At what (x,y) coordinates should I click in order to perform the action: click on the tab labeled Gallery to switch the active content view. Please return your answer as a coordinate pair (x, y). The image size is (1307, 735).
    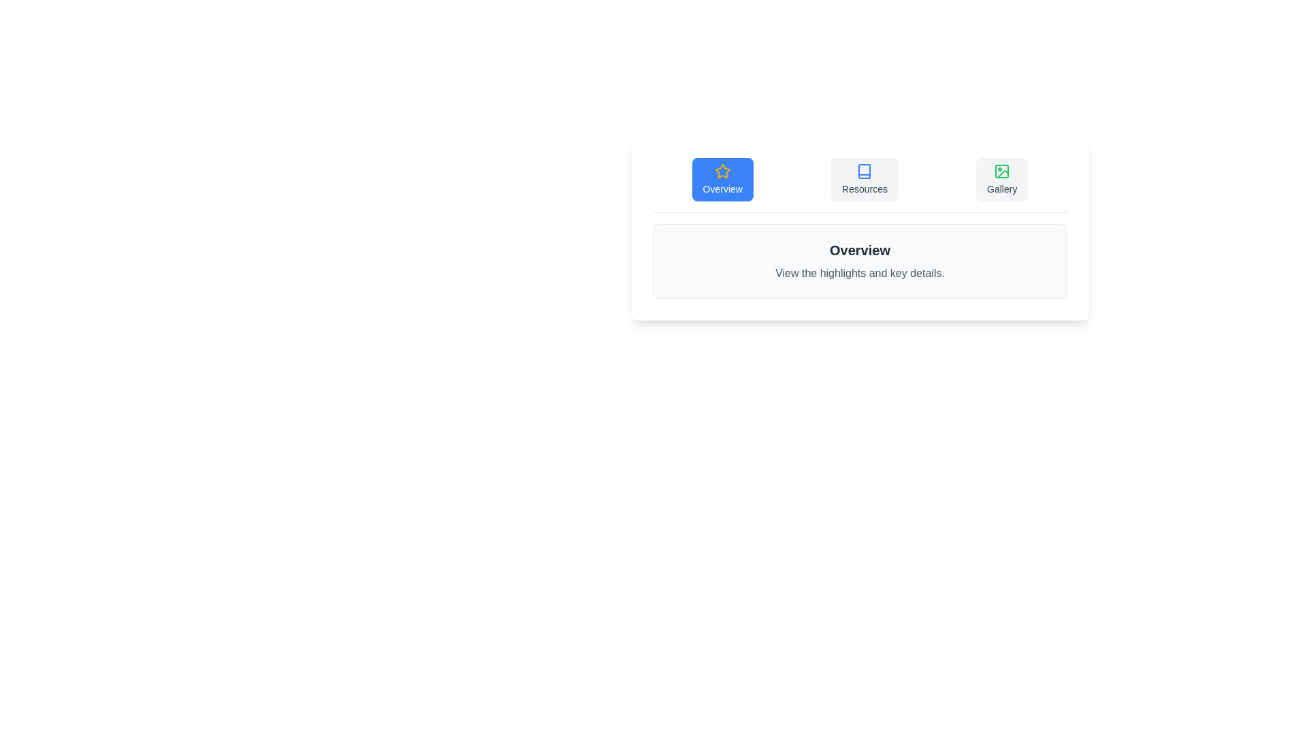
    Looking at the image, I should click on (1002, 178).